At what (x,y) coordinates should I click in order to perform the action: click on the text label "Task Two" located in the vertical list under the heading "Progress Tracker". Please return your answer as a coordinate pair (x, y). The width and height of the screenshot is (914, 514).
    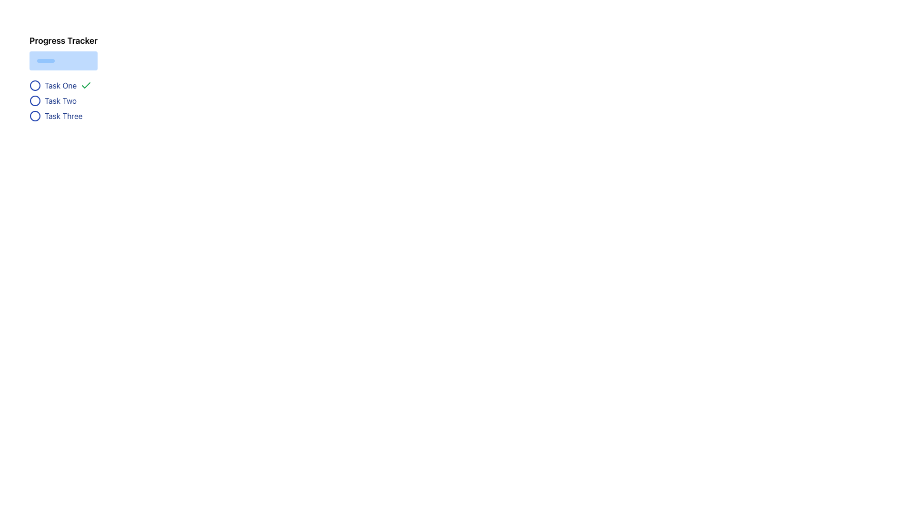
    Looking at the image, I should click on (63, 101).